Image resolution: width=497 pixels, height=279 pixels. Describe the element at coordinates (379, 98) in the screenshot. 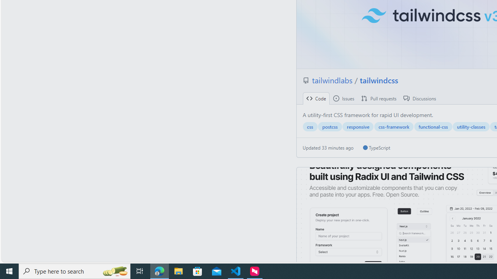

I see `' Pull requests'` at that location.